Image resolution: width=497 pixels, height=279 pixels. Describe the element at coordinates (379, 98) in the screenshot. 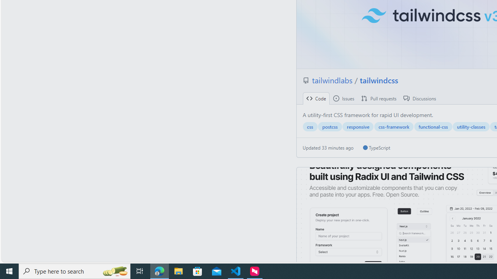

I see `' Pull requests'` at that location.